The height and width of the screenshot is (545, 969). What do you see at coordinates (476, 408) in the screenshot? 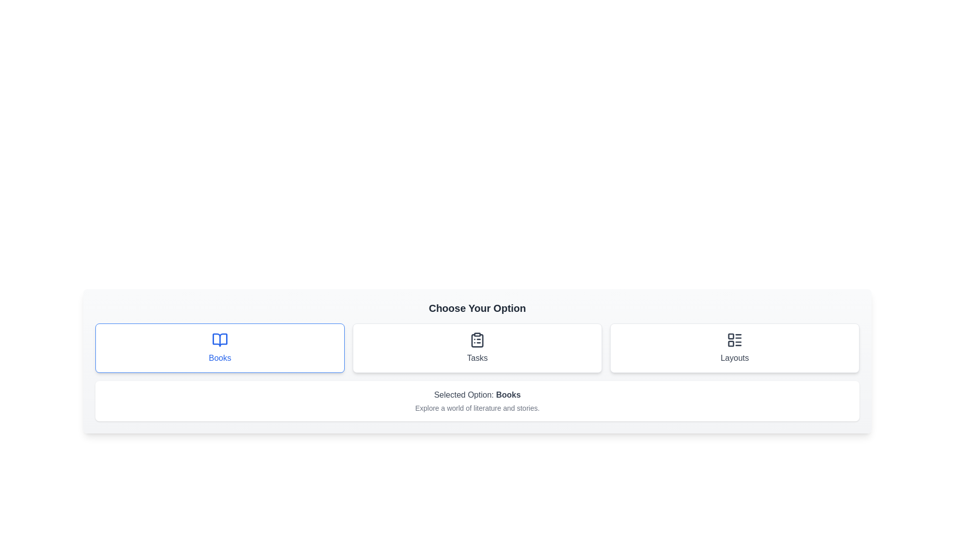
I see `the static text element that displays 'Explore a world of literature and stories.', which is located directly underneath 'Selected Option: Books'` at bounding box center [476, 408].